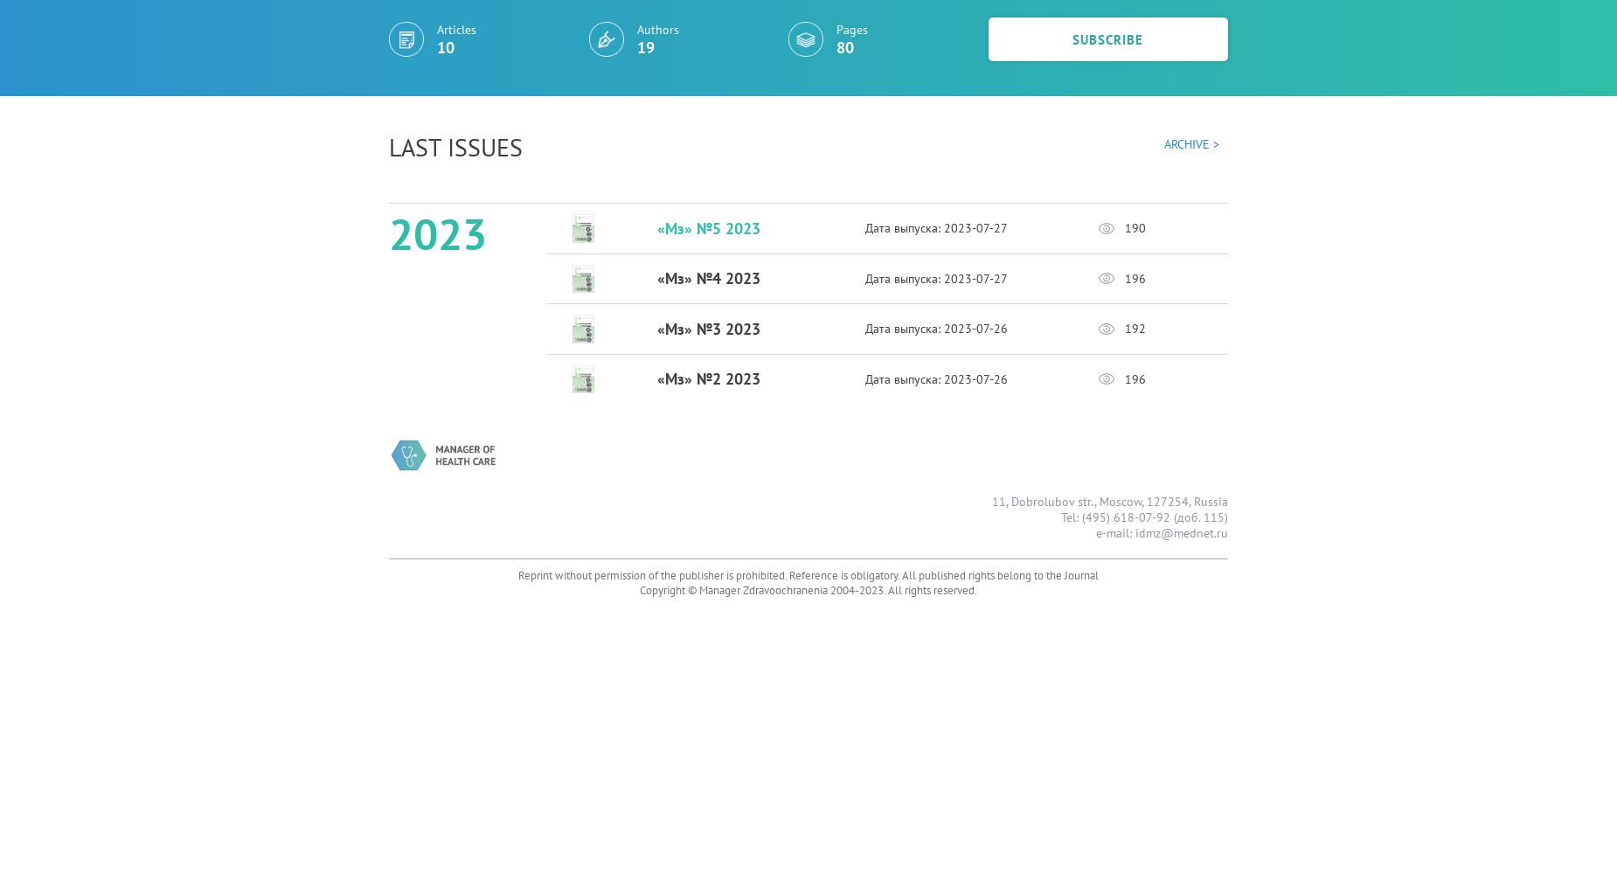 This screenshot has height=874, width=1617. I want to click on '«Мз» №5 2023', so click(707, 227).